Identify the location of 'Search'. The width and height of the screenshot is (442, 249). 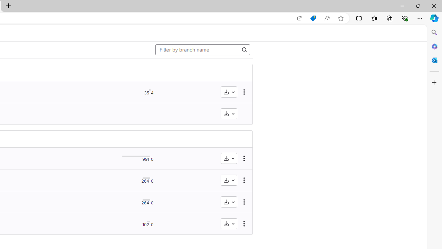
(434, 33).